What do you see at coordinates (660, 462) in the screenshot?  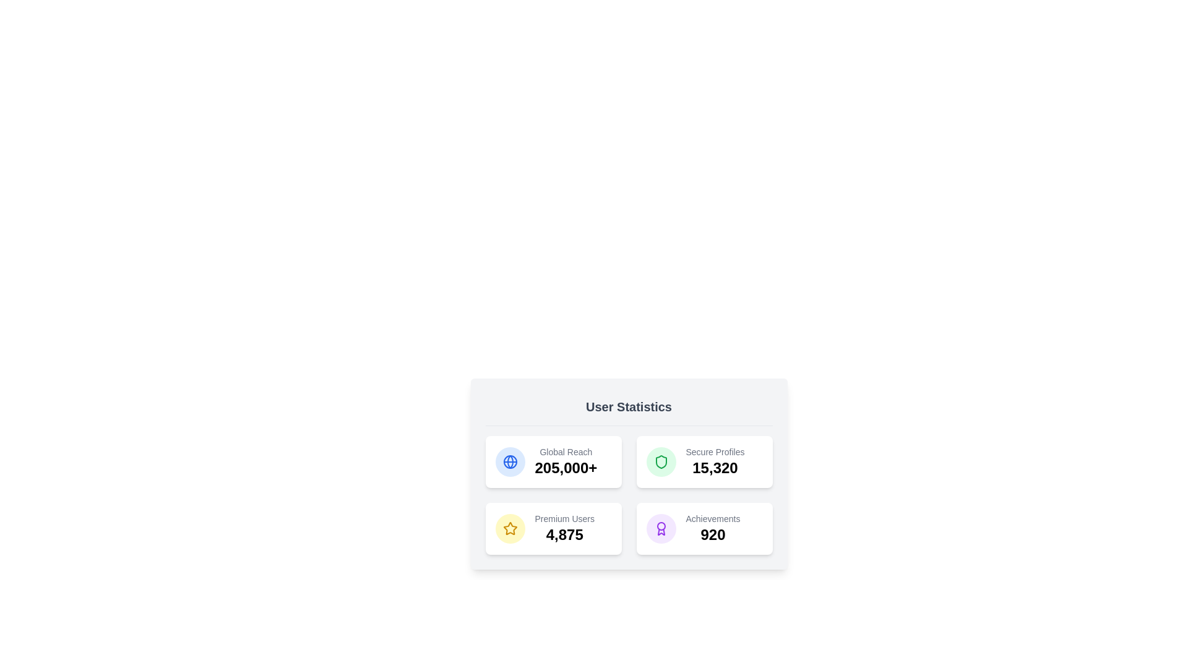 I see `the shield icon outlined with a smooth green color, located in the 'Secure Profiles' section of the statistics panel` at bounding box center [660, 462].